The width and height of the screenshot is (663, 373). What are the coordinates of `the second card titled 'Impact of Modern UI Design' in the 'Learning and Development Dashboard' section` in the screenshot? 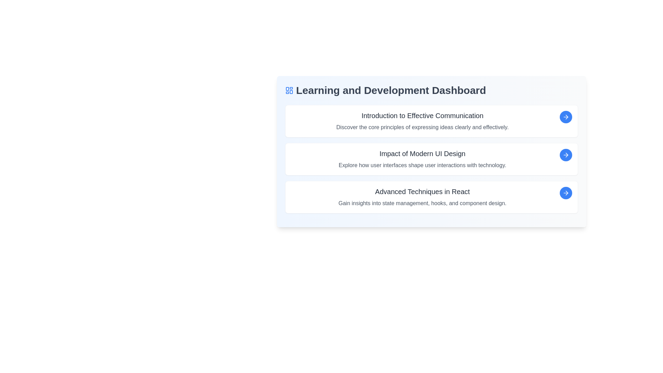 It's located at (431, 159).